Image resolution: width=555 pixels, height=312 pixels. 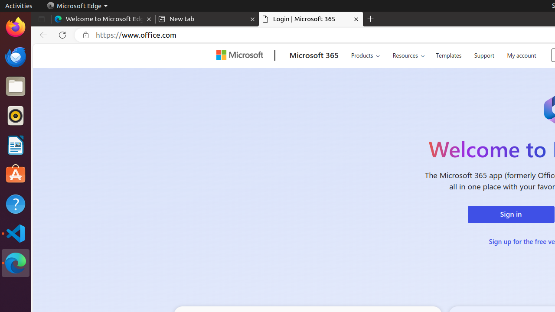 What do you see at coordinates (41, 19) in the screenshot?
I see `'Tab actions menu'` at bounding box center [41, 19].